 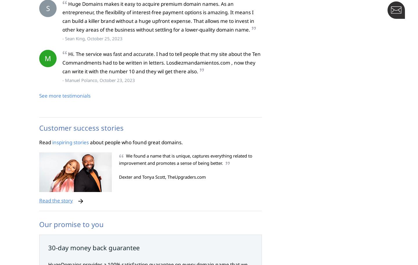 What do you see at coordinates (162, 177) in the screenshot?
I see `'Dexter and Tonya Scott, TheUpgraders.com'` at bounding box center [162, 177].